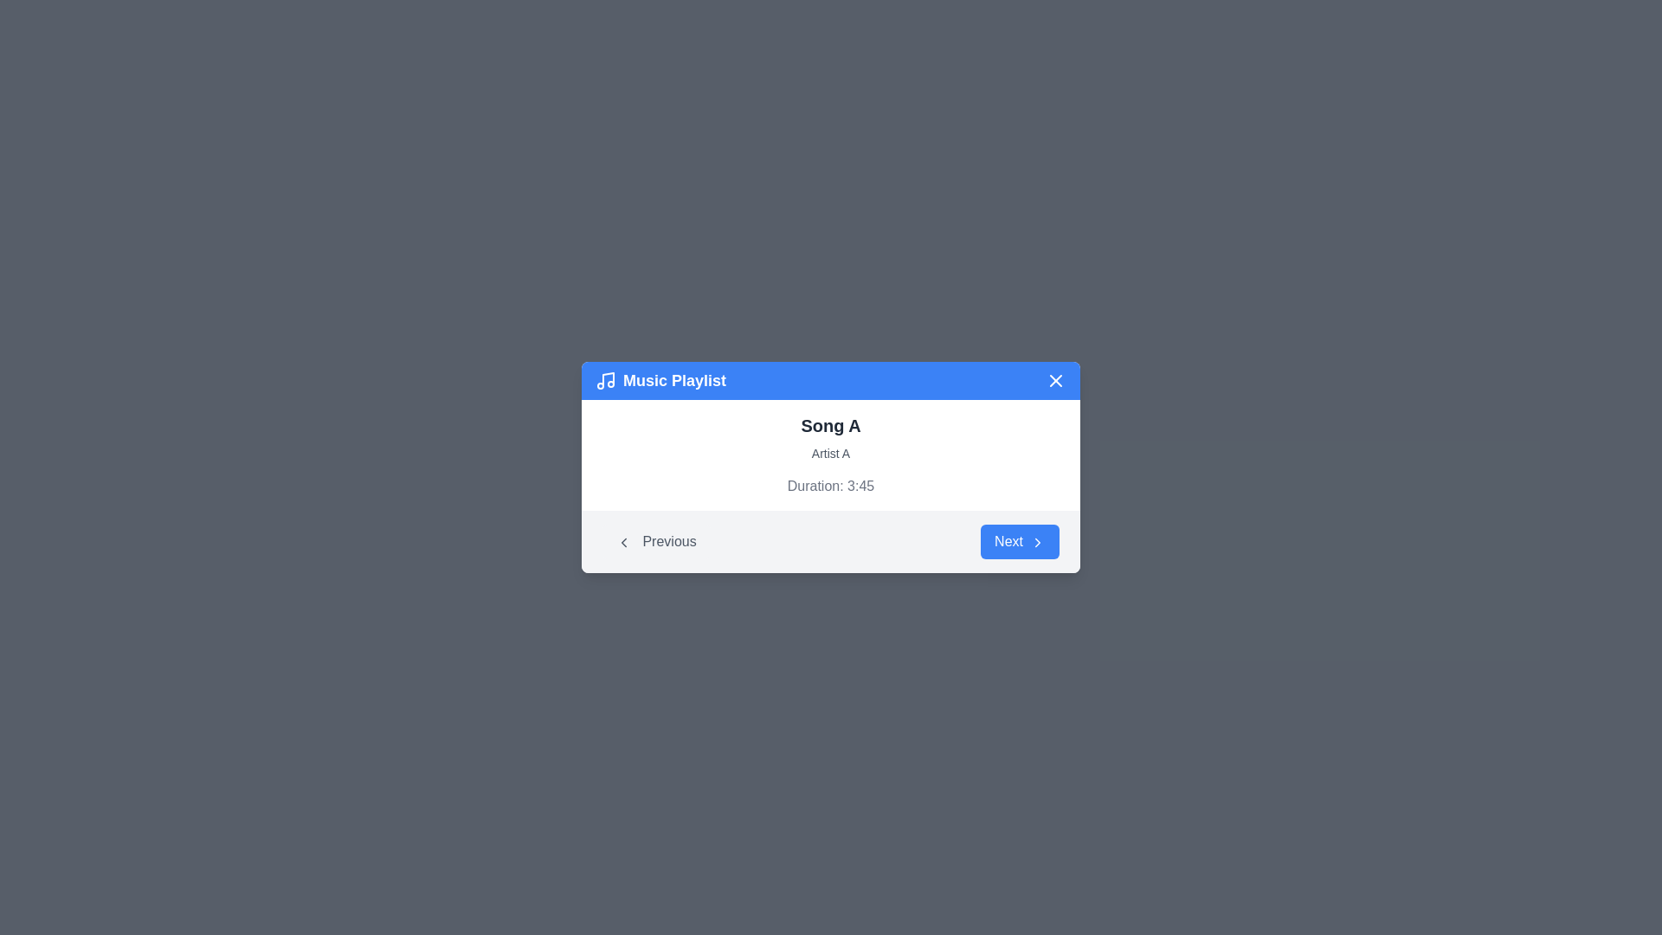 The image size is (1662, 935). Describe the element at coordinates (606, 379) in the screenshot. I see `decorative icon for the 'Music Playlist' header located to the far left of the title using developer tools` at that location.